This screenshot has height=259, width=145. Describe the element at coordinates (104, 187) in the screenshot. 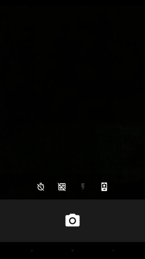

I see `icon at the bottom right corner` at that location.